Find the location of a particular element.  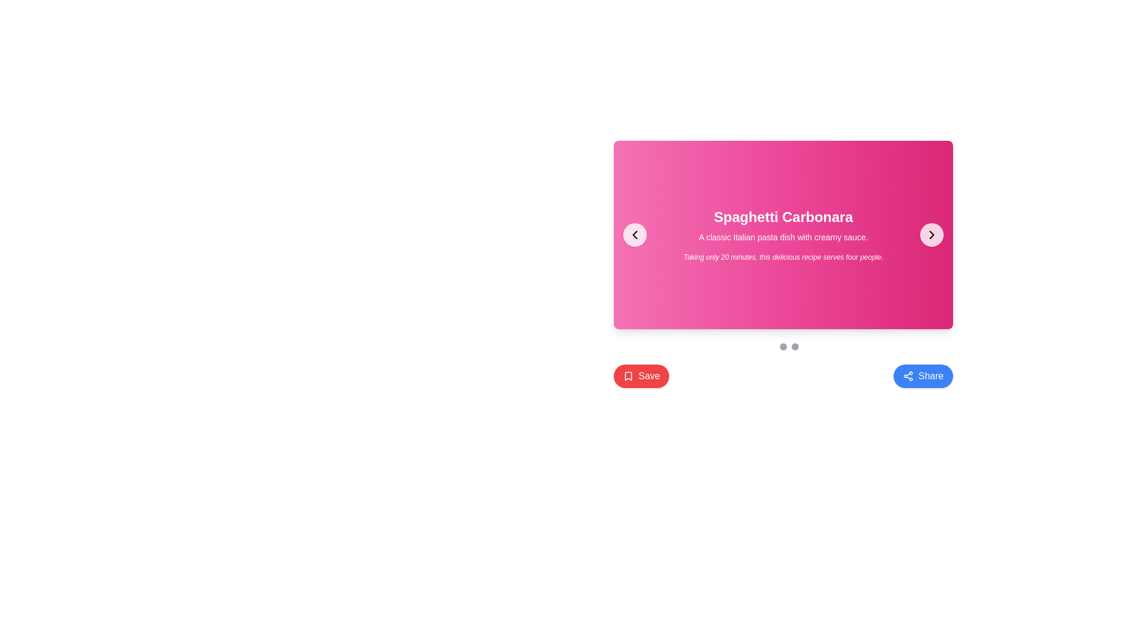

the second gray circular Pagination dot to focus is located at coordinates (783, 346).